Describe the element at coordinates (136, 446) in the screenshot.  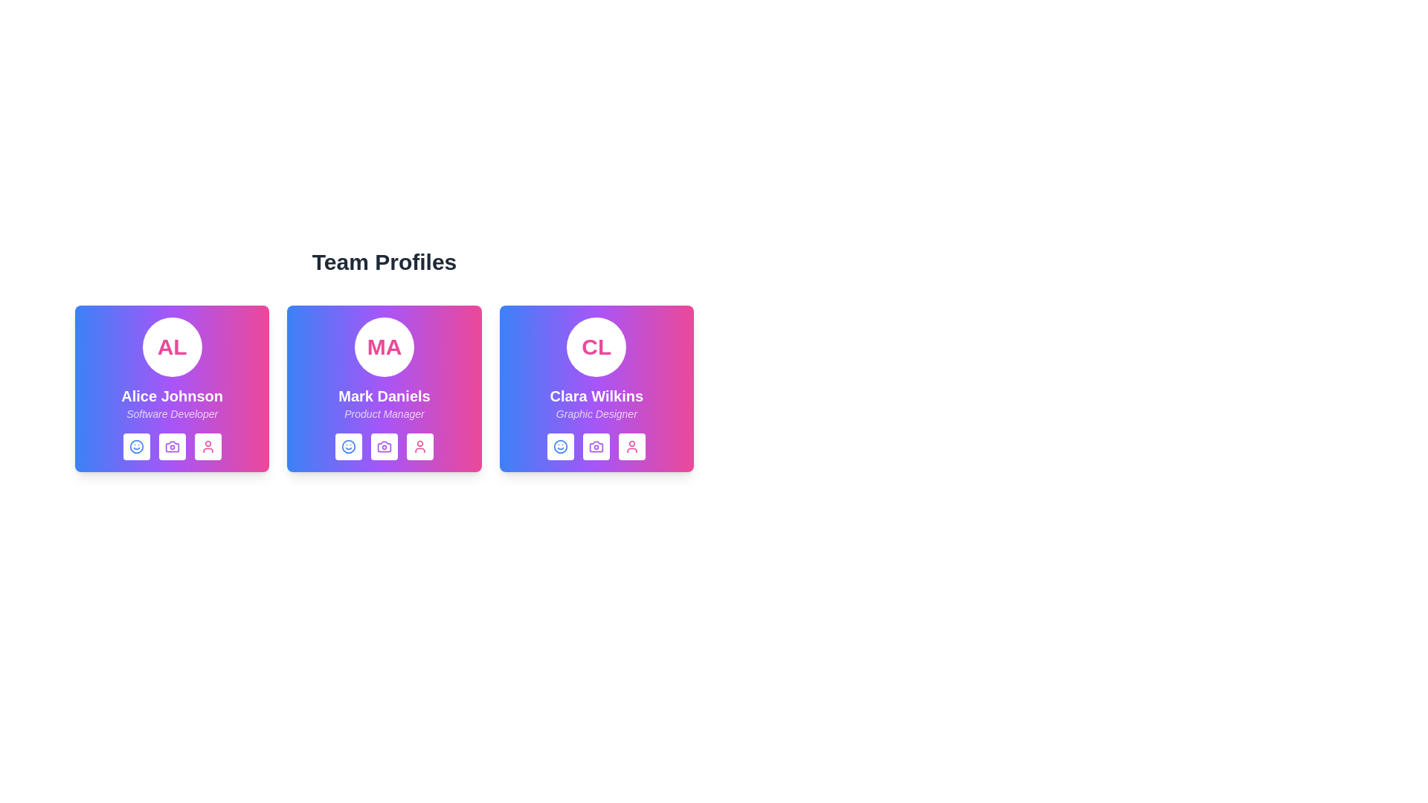
I see `the button with a rounded white background and blue smiley face icon, which is the first button in a horizontal group below the profile card of 'Alice Johnson - Software Developer'` at that location.